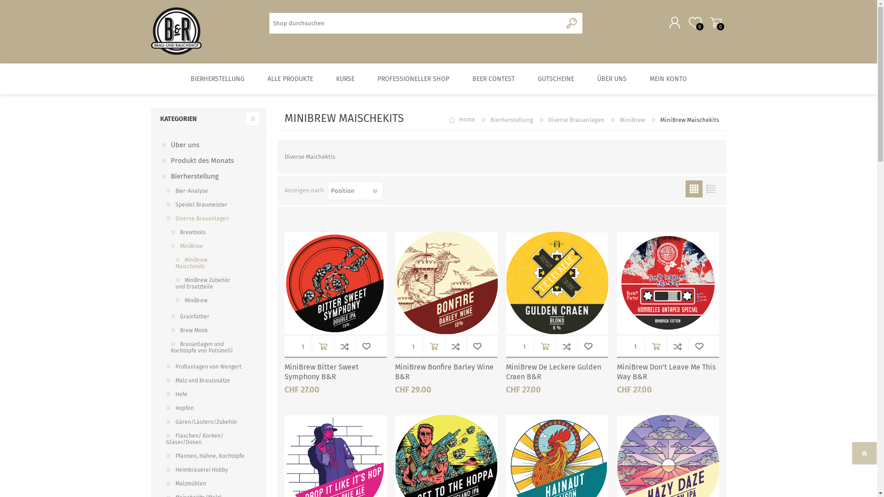  Describe the element at coordinates (695, 22) in the screenshot. I see `'Wunschliste` at that location.